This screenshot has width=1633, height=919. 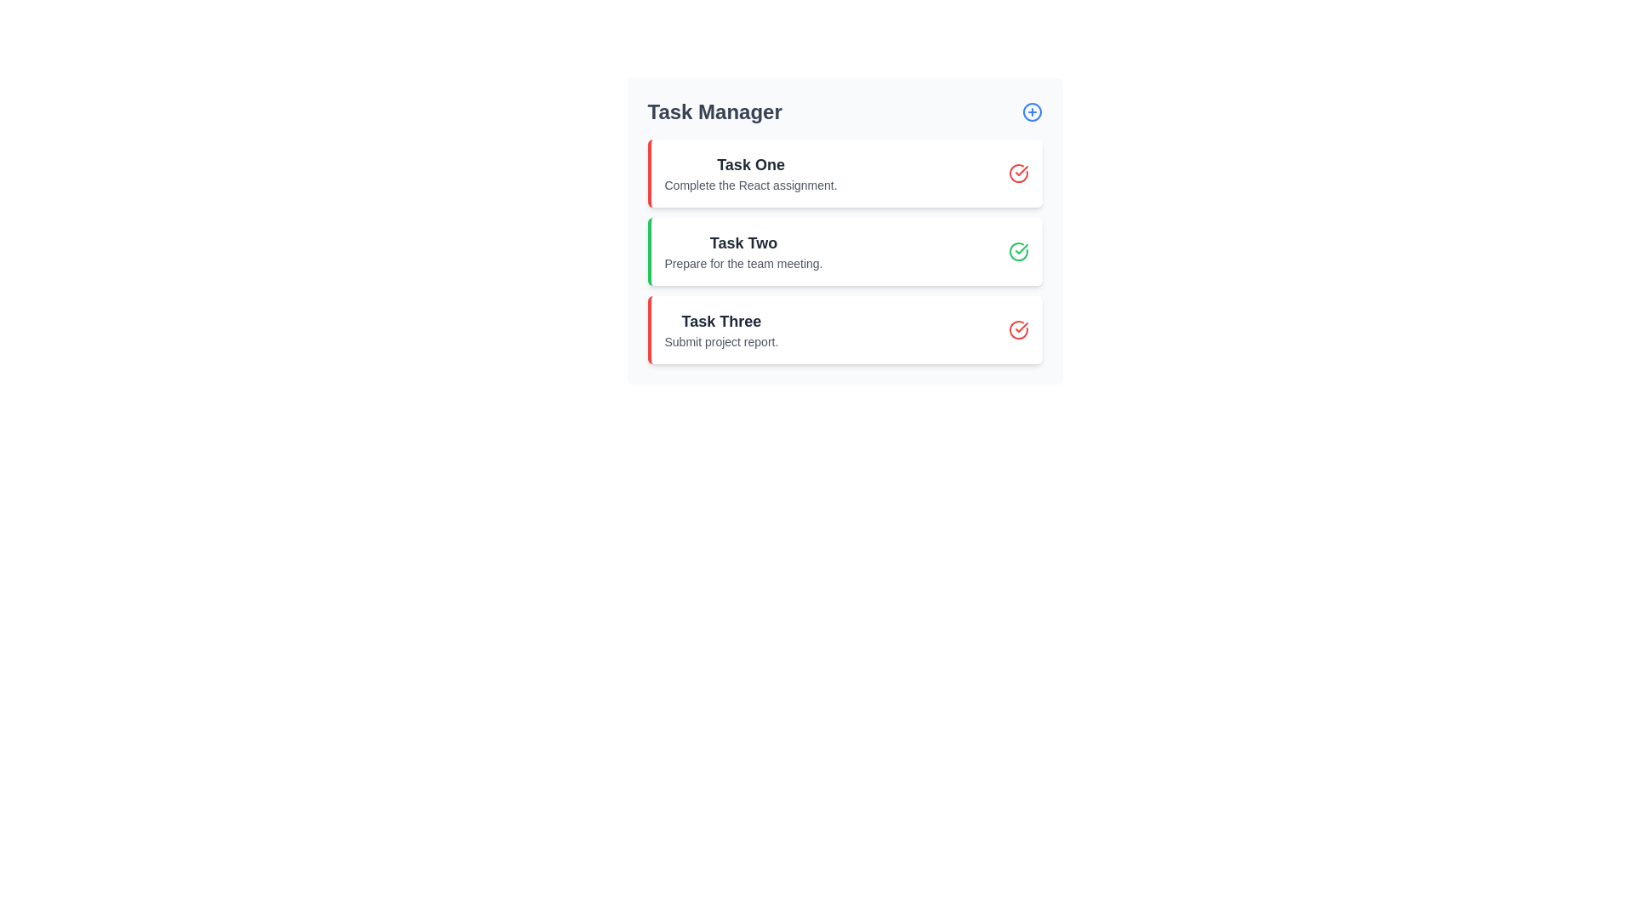 I want to click on the 'Task Manager' text heading, which is a bold and enlarged font element located at the top-left of the interface, so click(x=714, y=111).